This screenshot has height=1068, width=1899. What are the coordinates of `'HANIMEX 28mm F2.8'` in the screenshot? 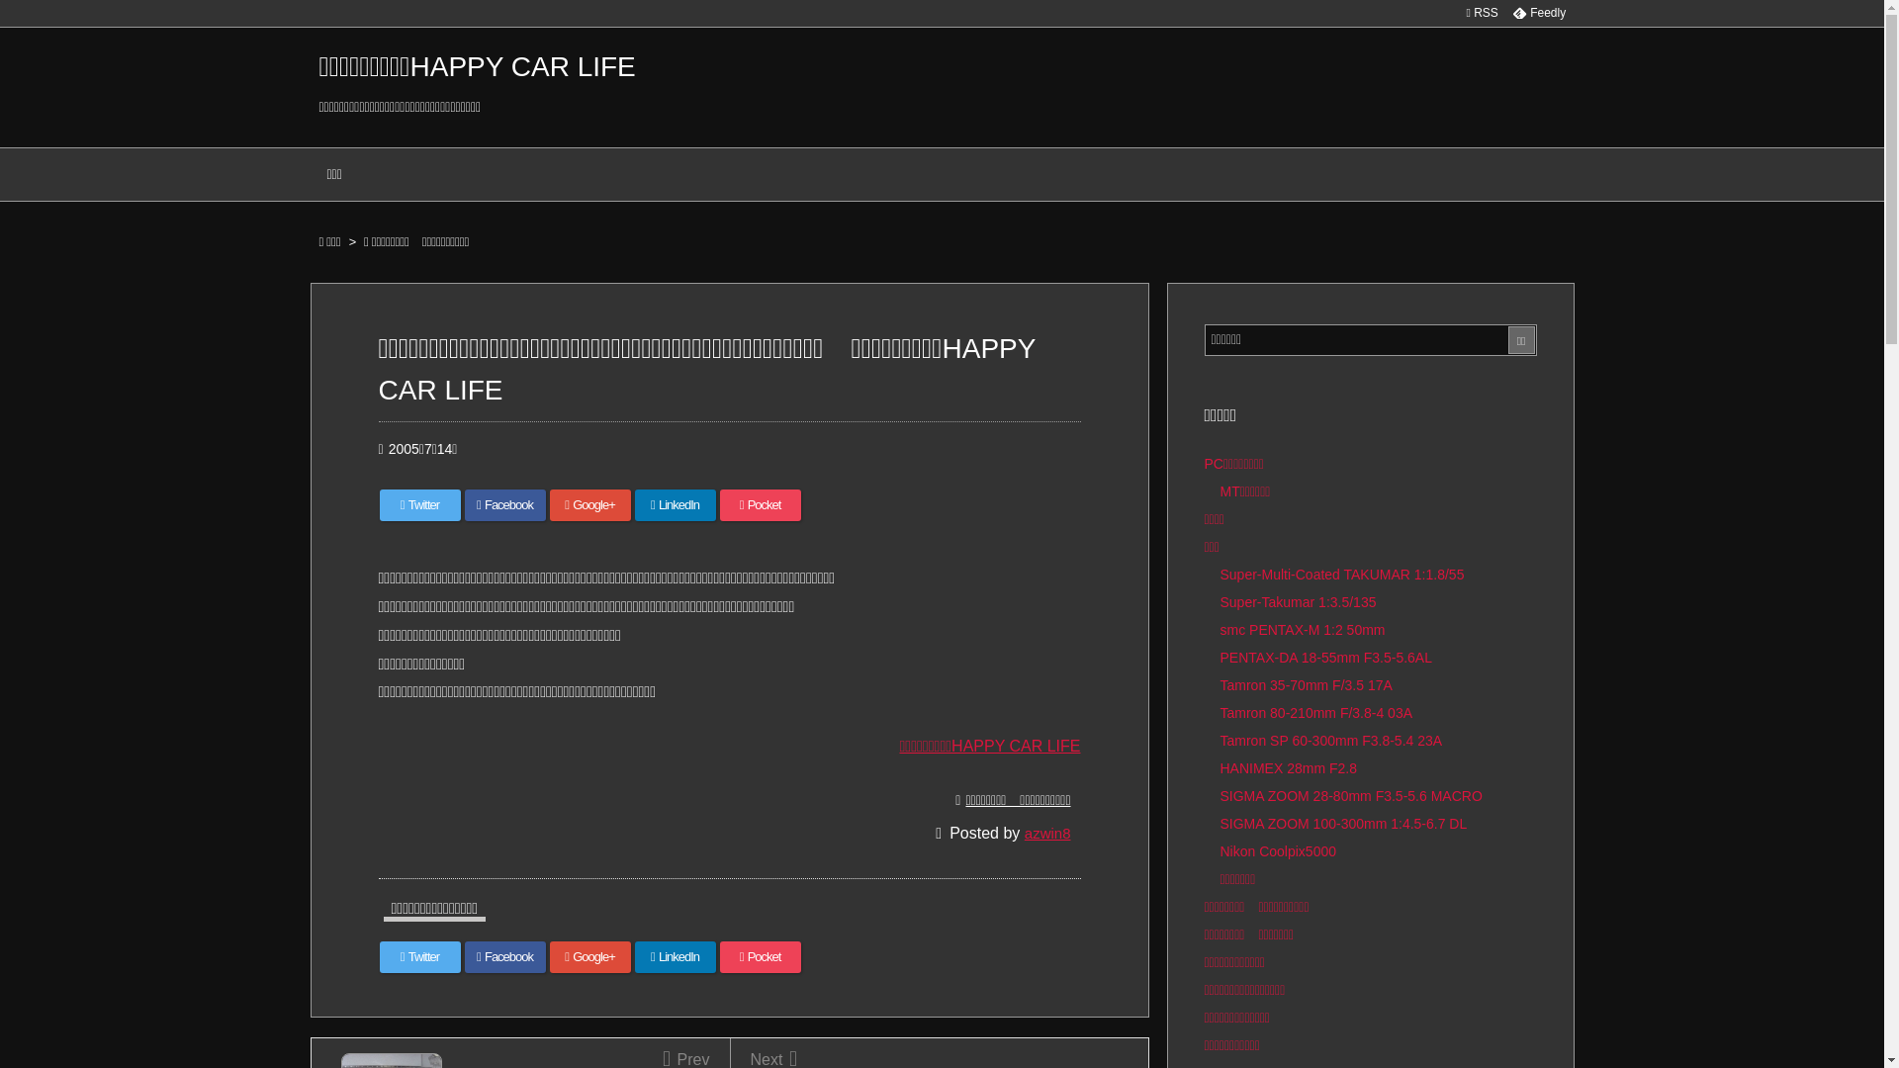 It's located at (1288, 766).